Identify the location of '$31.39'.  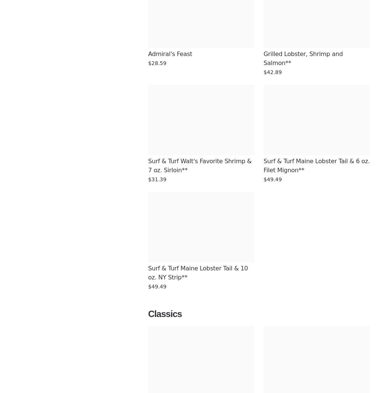
(156, 179).